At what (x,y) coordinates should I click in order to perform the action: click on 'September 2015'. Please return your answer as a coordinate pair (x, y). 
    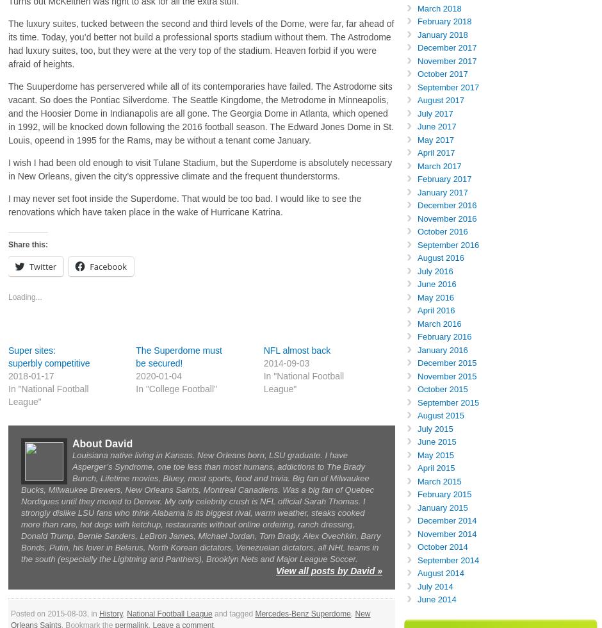
    Looking at the image, I should click on (448, 402).